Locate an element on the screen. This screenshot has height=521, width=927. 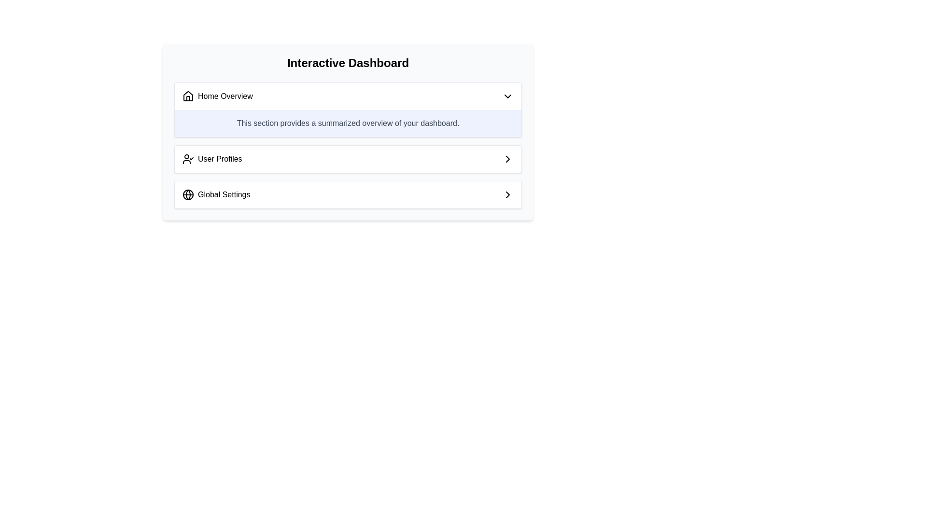
the third button in the 'Interactive Dashboard' section is located at coordinates (348, 195).